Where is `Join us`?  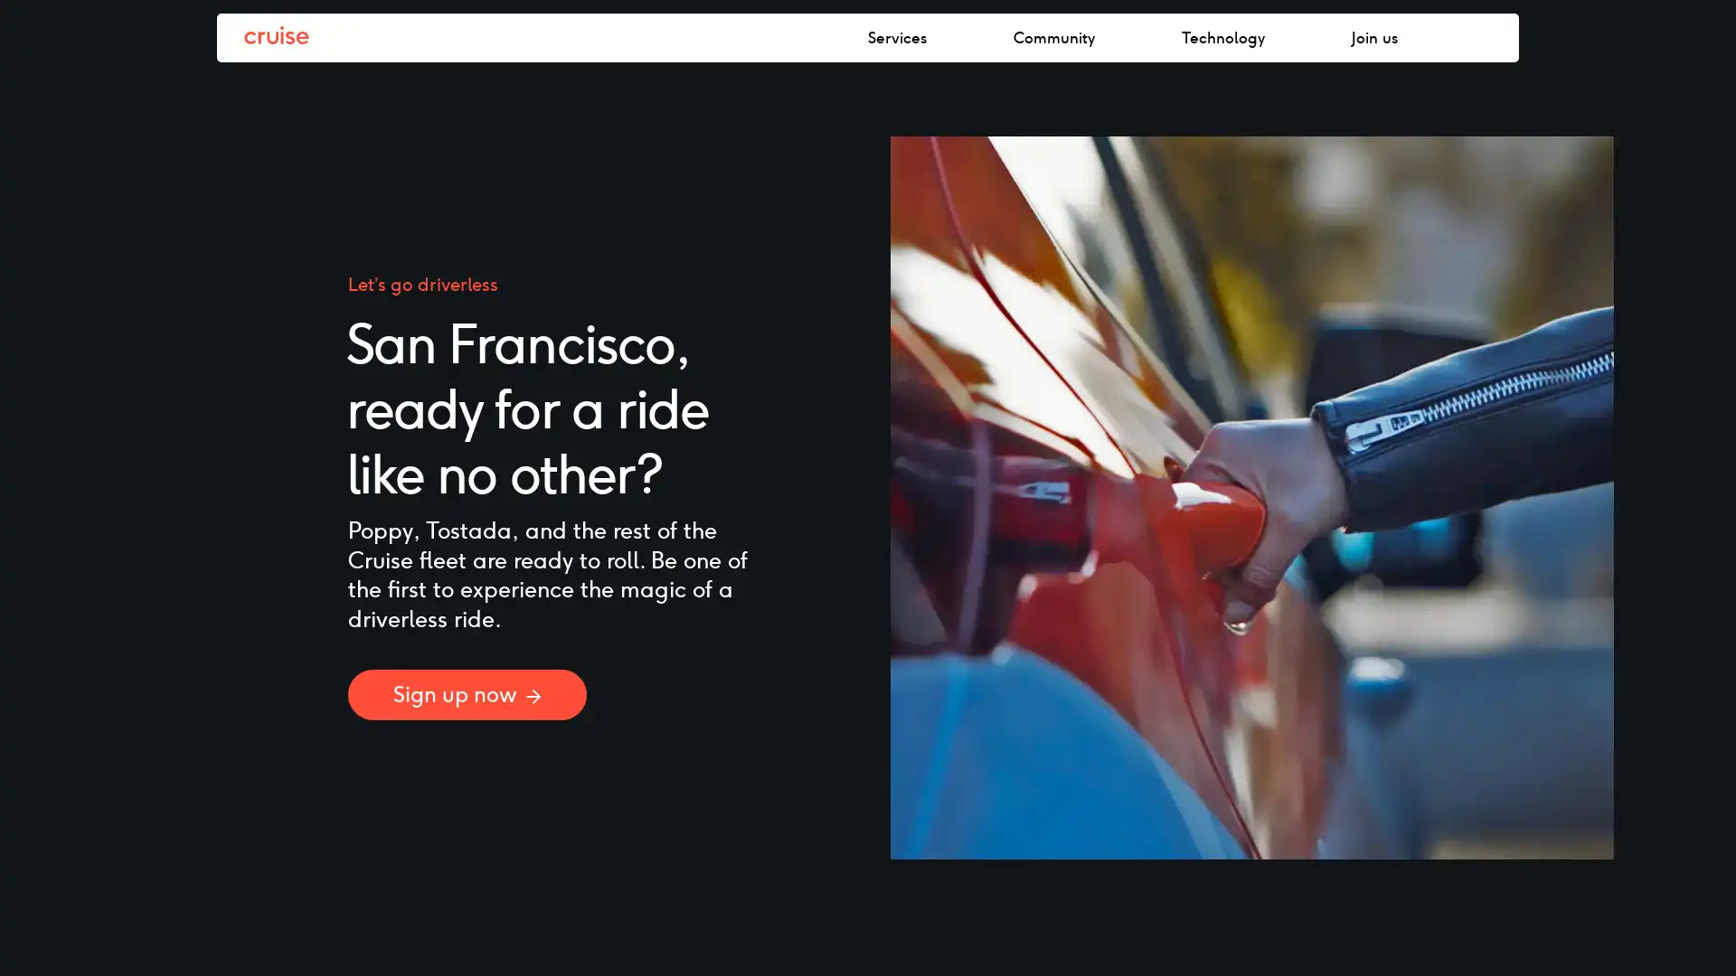 Join us is located at coordinates (1469, 38).